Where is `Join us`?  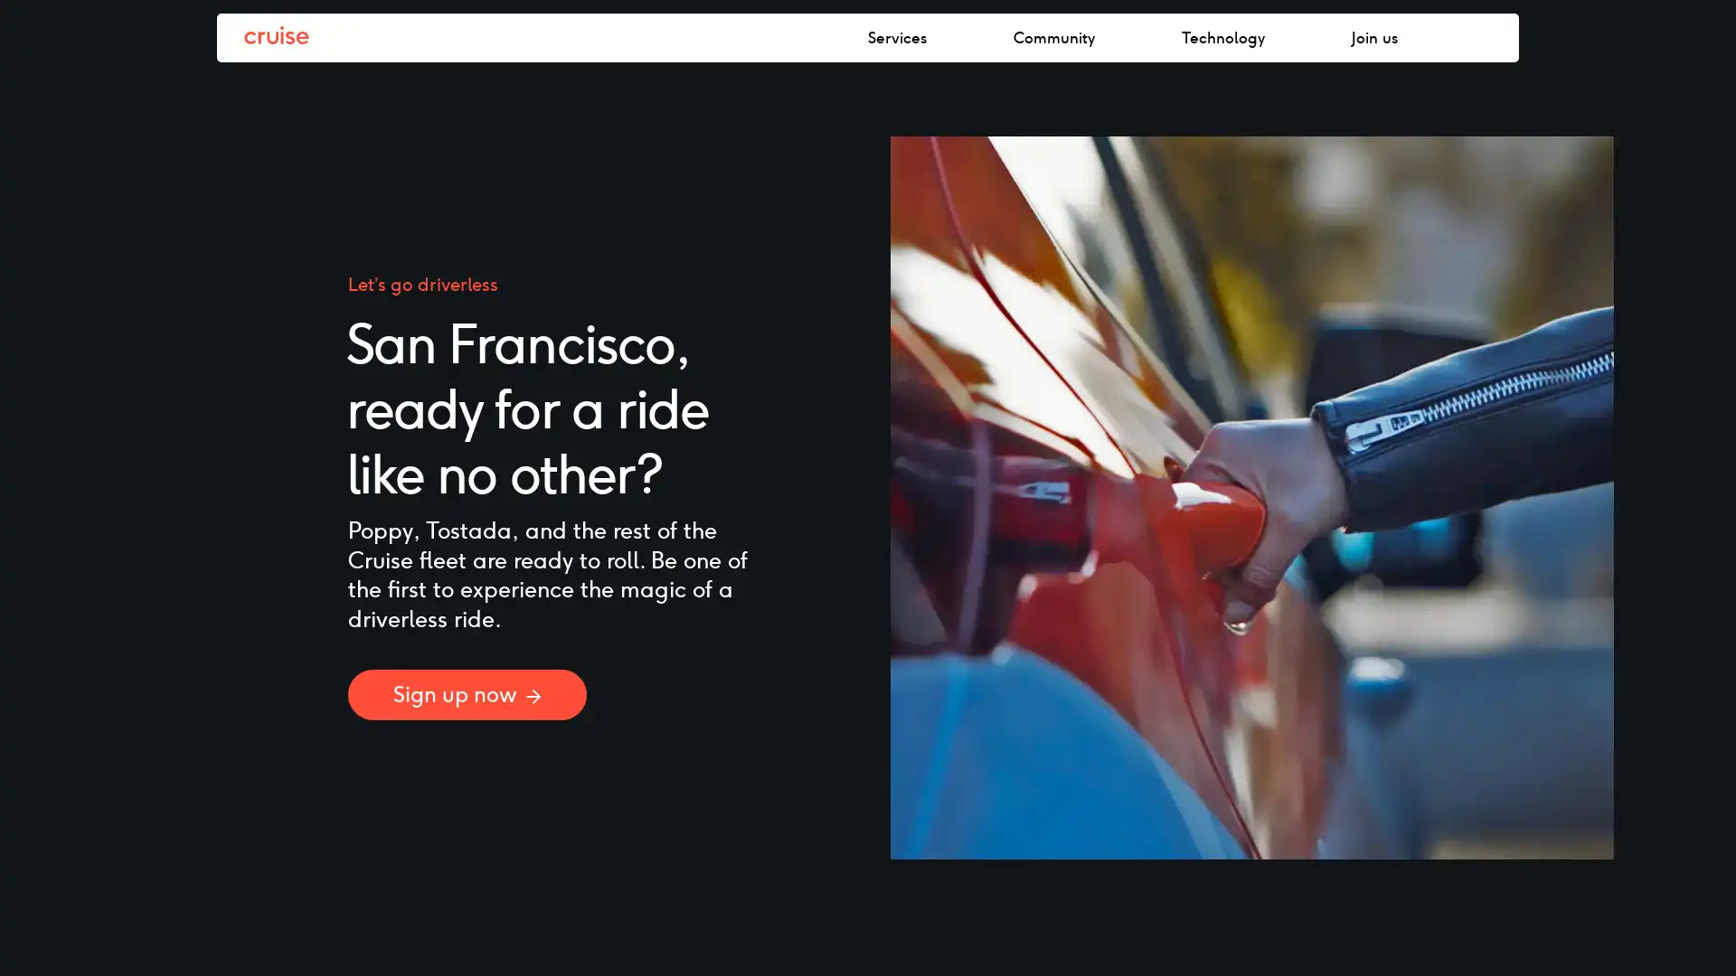 Join us is located at coordinates (1469, 38).